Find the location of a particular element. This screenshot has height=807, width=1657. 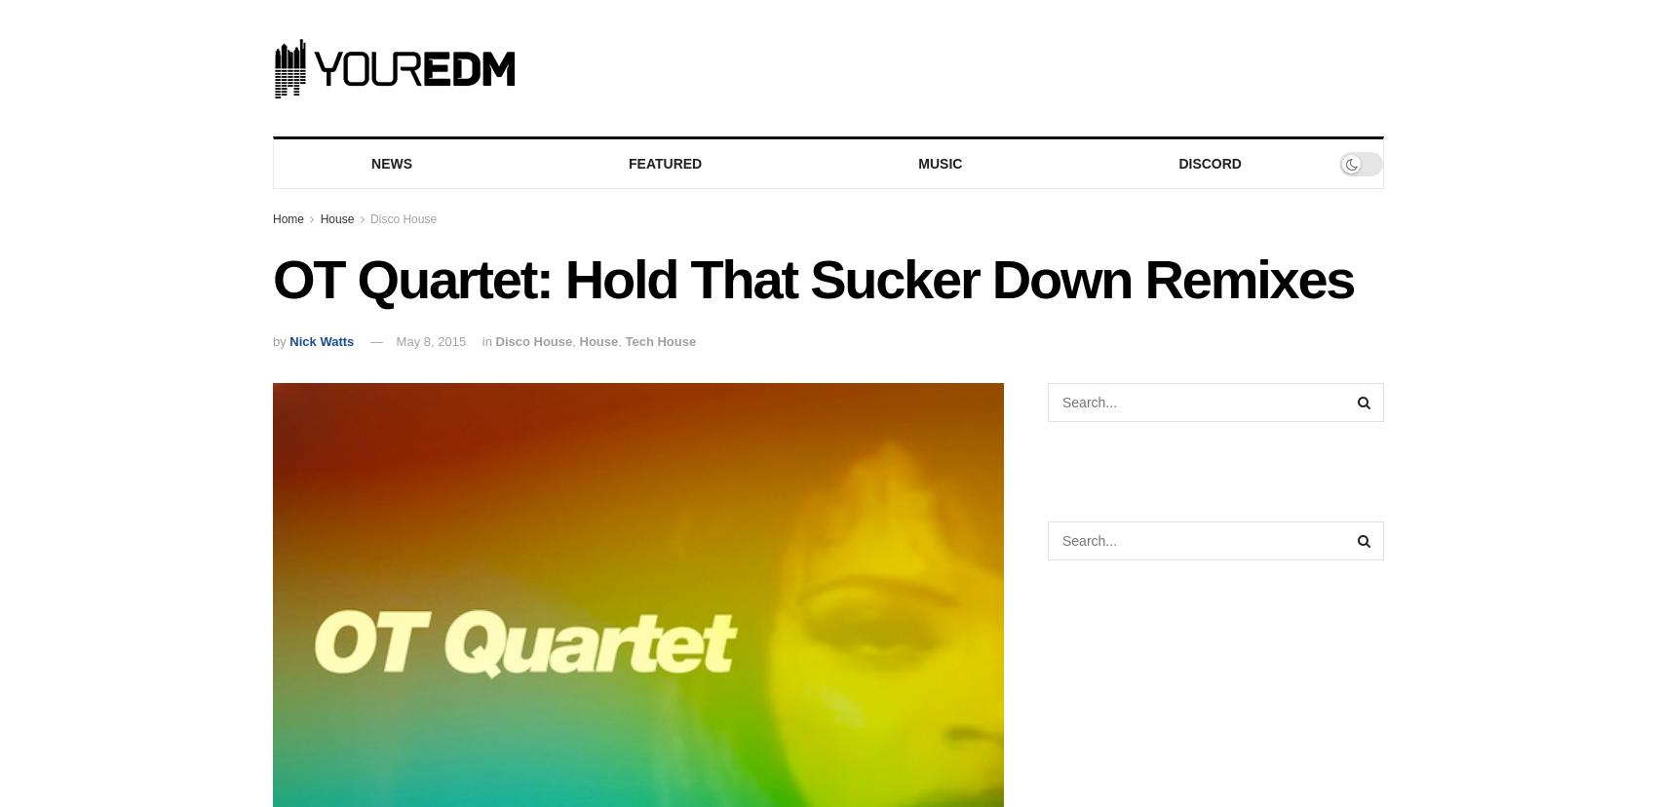

'Featured' is located at coordinates (665, 164).